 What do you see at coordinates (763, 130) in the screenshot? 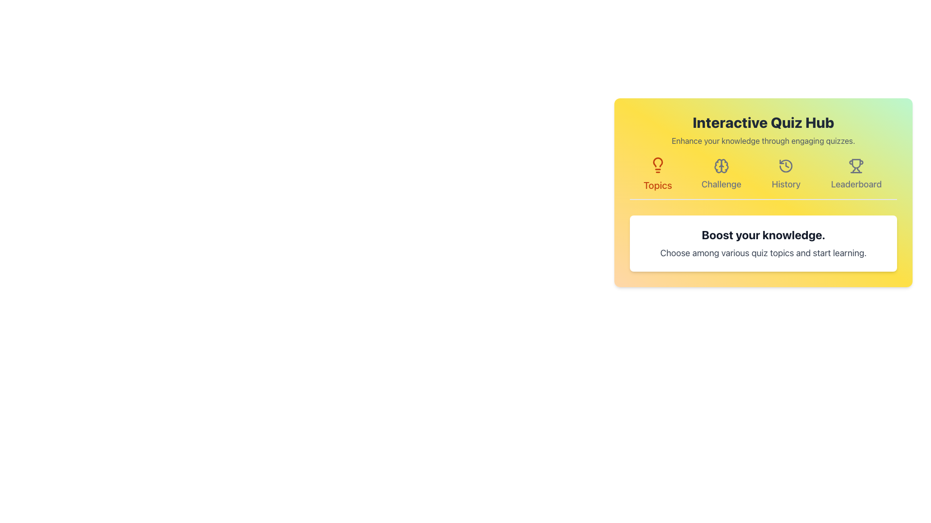
I see `the textual display component titled 'Interactive Quiz Hub' which features a bold heading and a subheading, located at the top-center of the card component` at bounding box center [763, 130].